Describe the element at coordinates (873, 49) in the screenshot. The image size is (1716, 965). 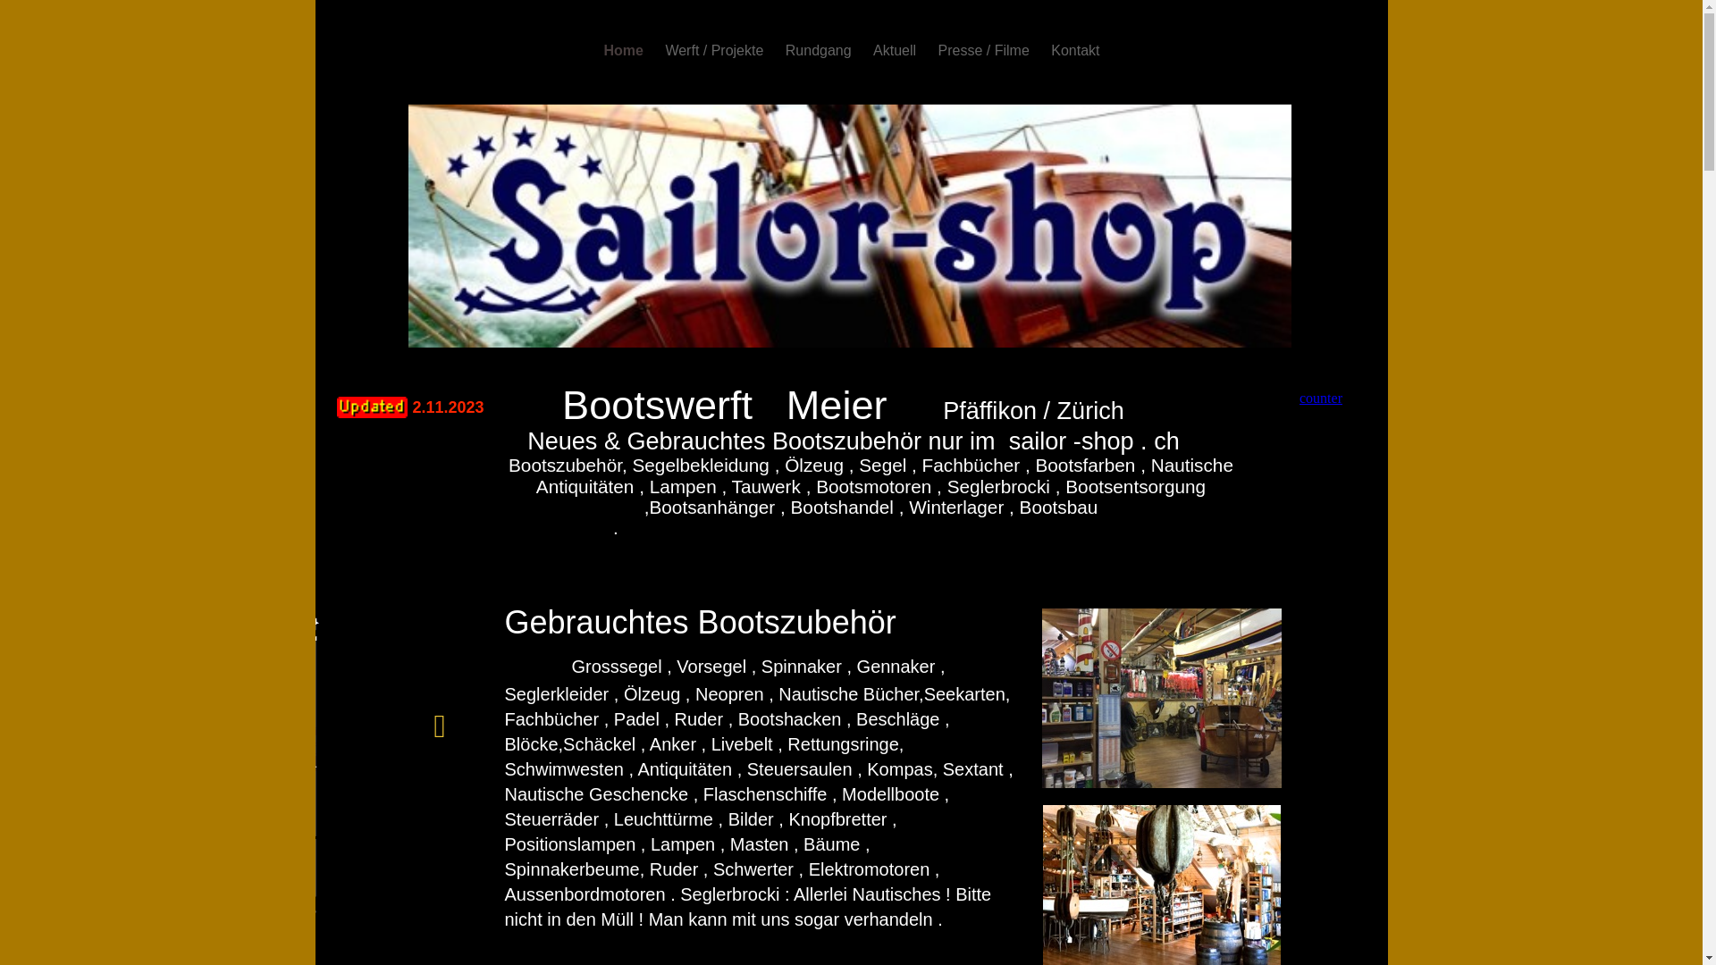
I see `'Aktuell'` at that location.